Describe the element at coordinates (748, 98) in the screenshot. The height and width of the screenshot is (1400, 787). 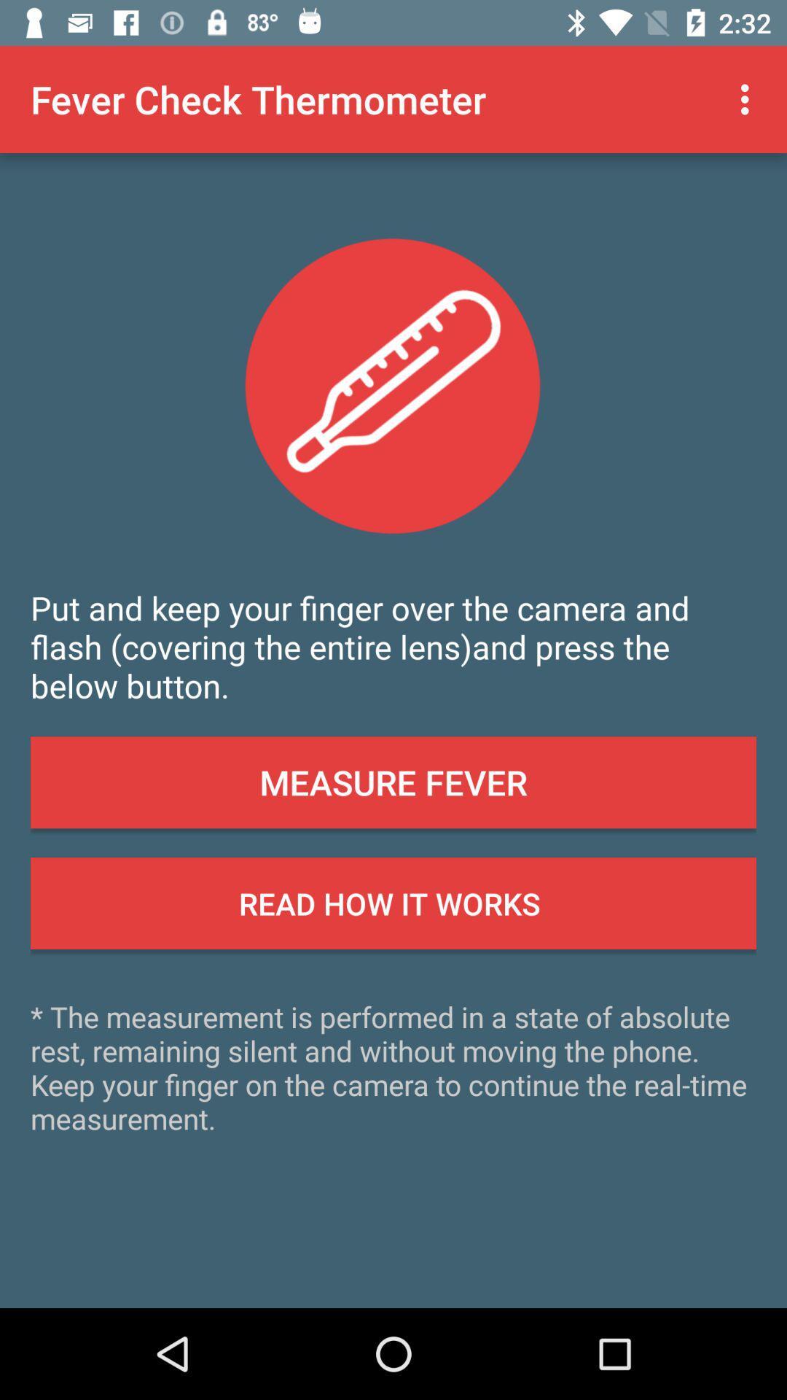
I see `icon above the put and keep icon` at that location.